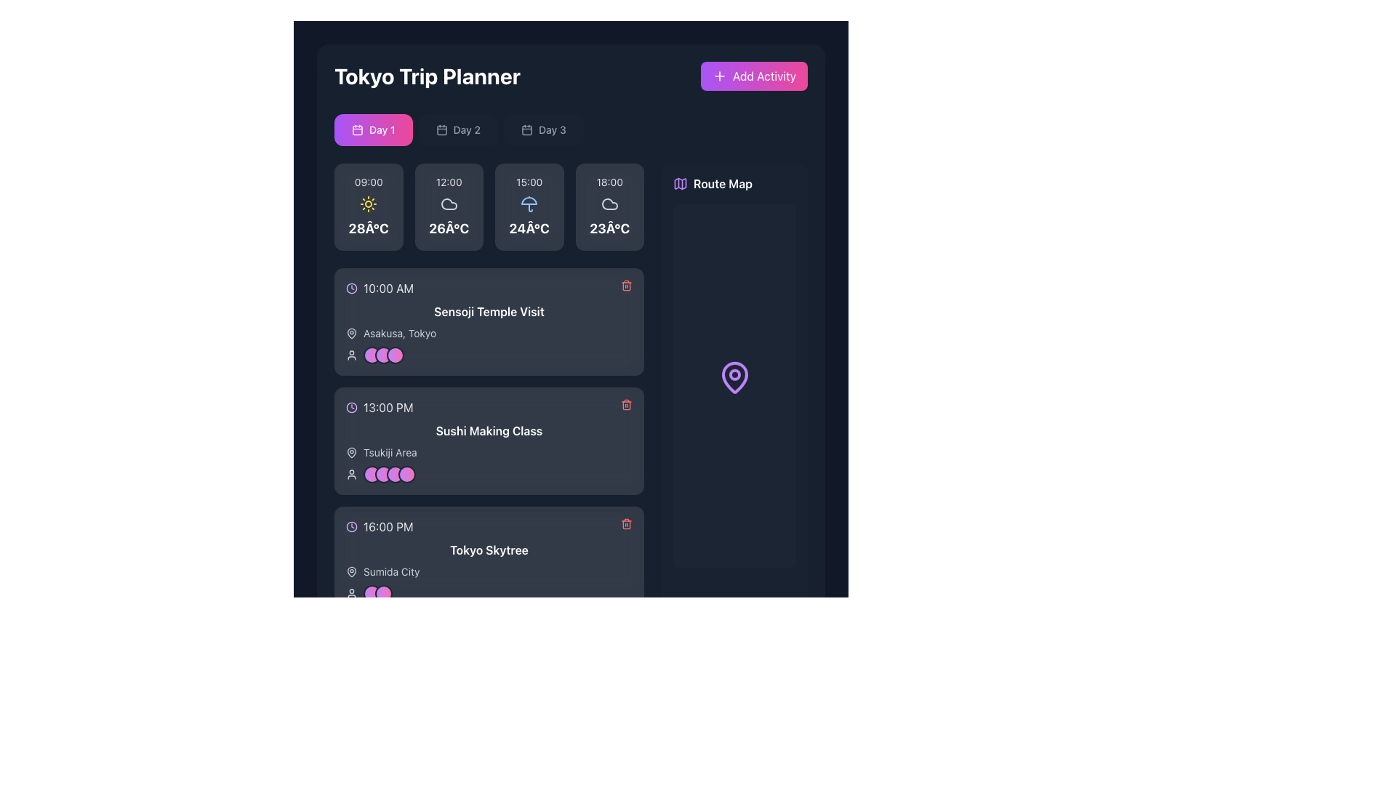  I want to click on the first circular avatar icon, which has a gradient background transitioning from purple to pink, and is encircled by a gray border, located below the 'Sushi Making Class' event entry, so click(372, 474).